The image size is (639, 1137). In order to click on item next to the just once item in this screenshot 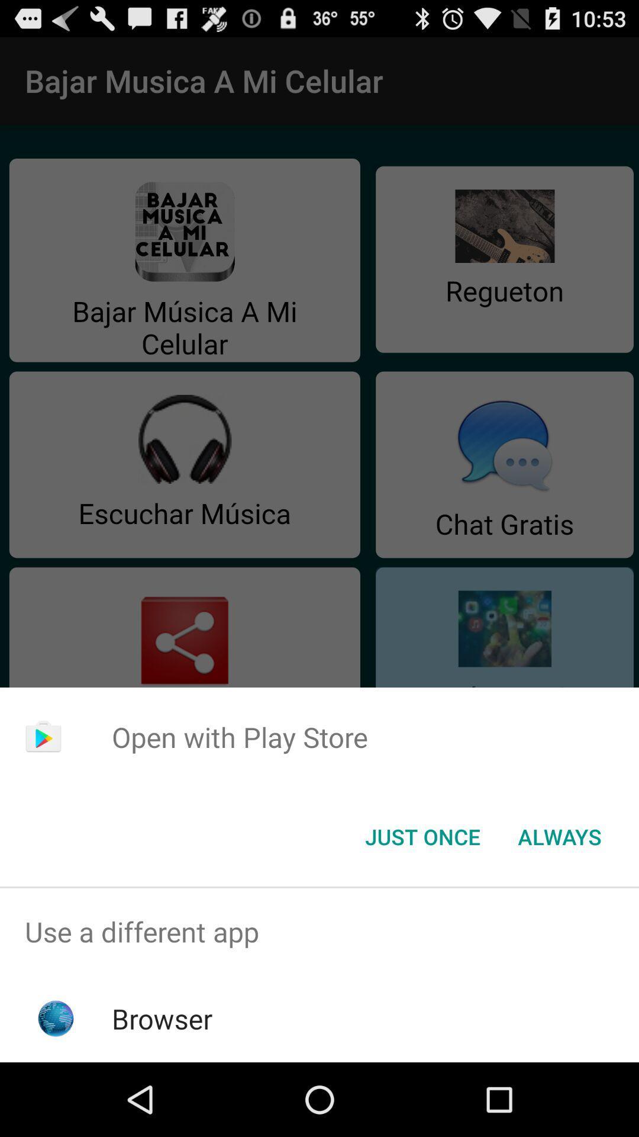, I will do `click(559, 836)`.